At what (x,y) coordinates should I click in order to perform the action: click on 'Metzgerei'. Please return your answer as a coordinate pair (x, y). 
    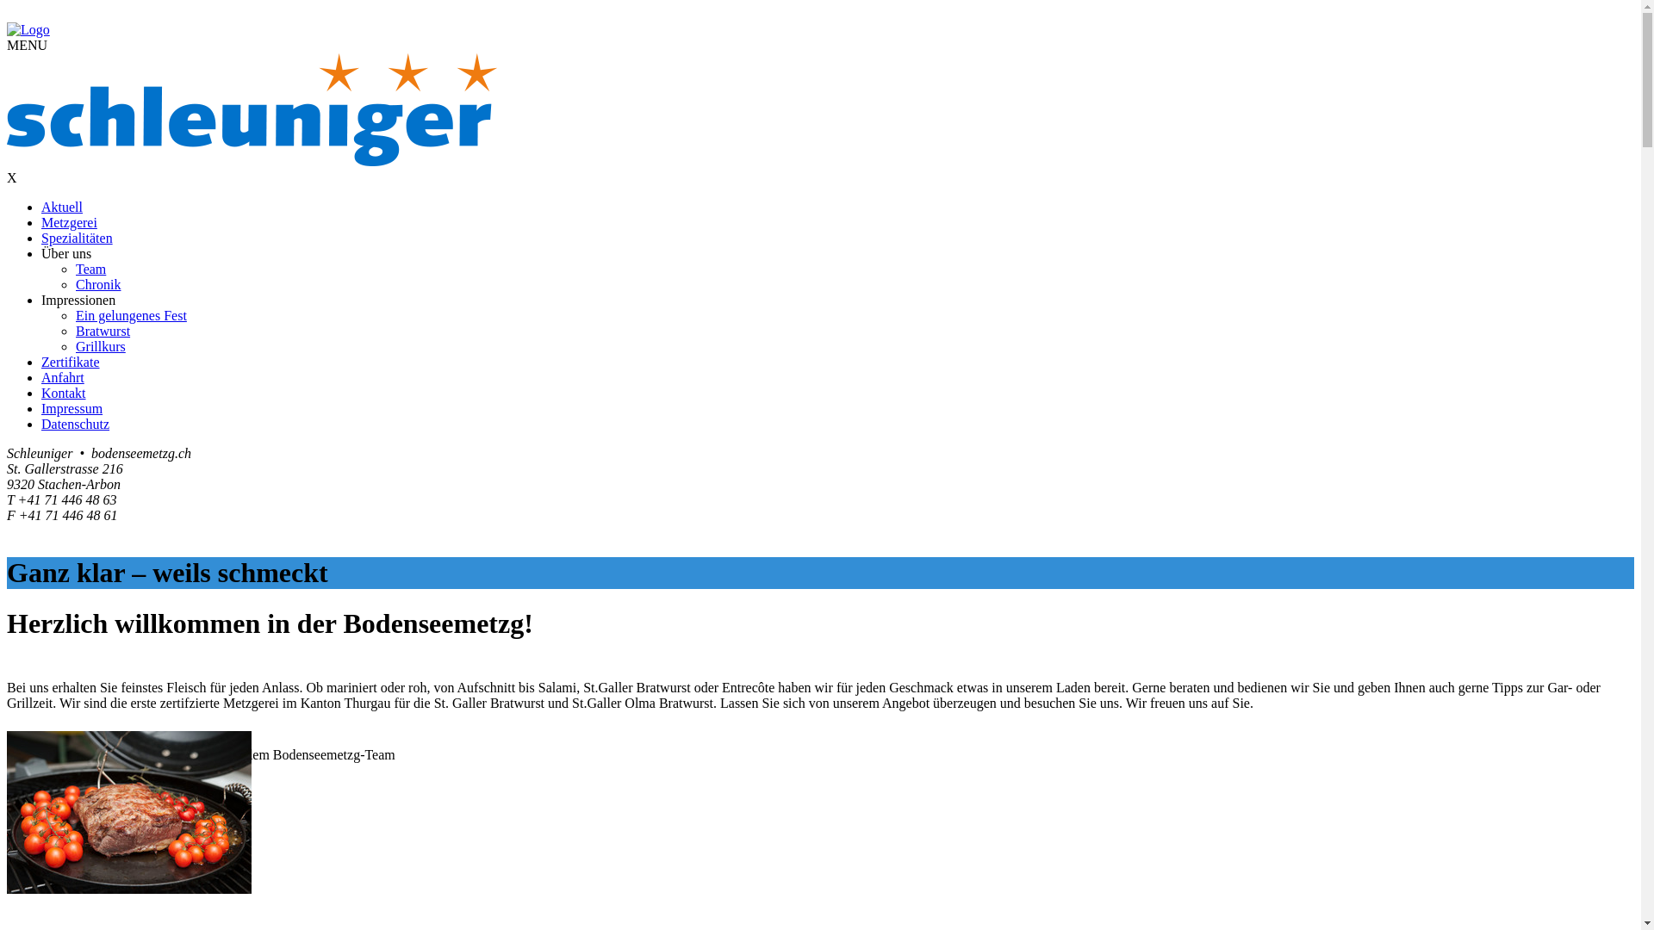
    Looking at the image, I should click on (69, 221).